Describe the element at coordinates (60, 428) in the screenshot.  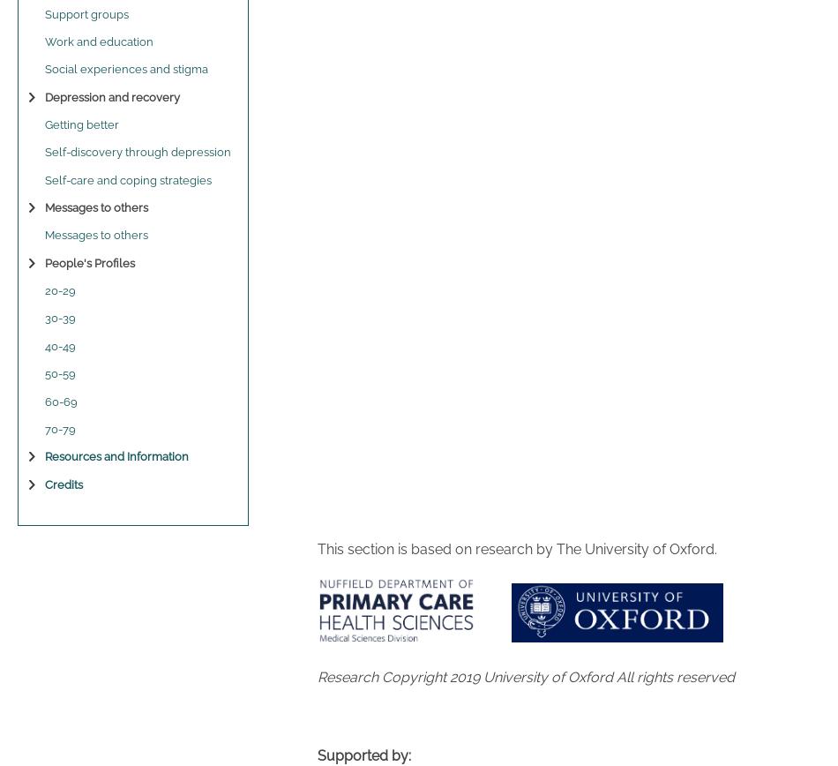
I see `'70-79'` at that location.